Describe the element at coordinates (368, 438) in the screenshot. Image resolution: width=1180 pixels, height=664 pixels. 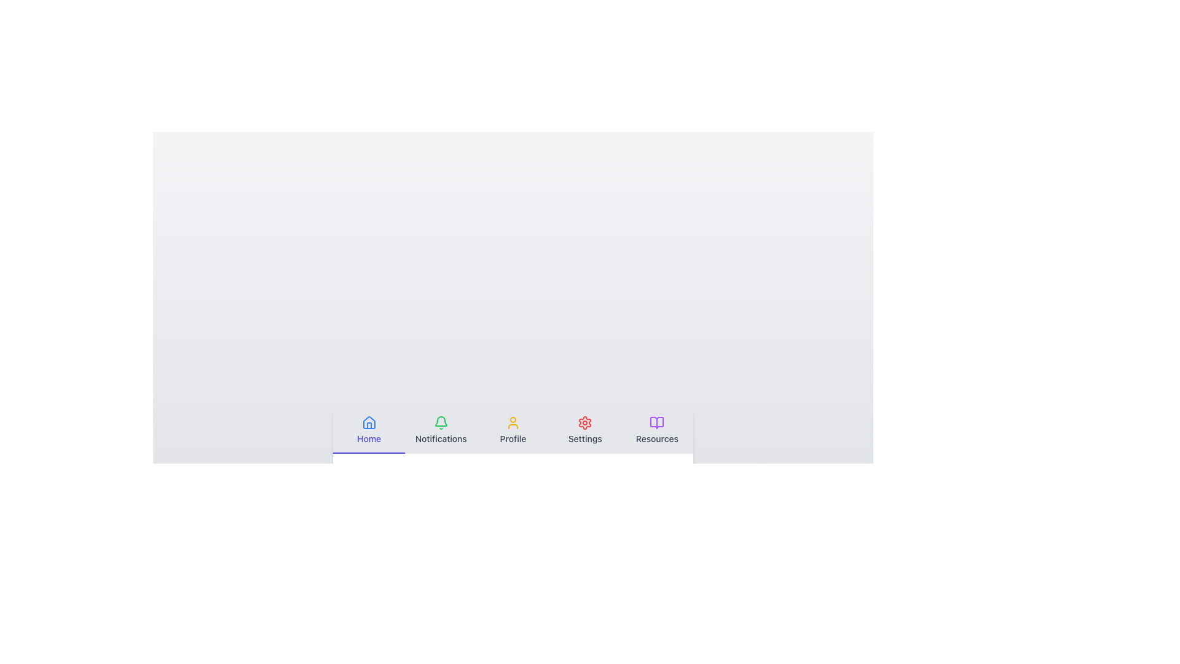
I see `the 'Home' text label, which is styled in blue and positioned below a house icon in the navigation bar` at that location.